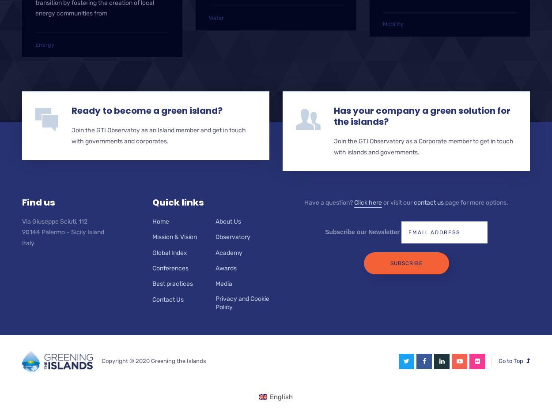  I want to click on 'Have a question?', so click(329, 202).